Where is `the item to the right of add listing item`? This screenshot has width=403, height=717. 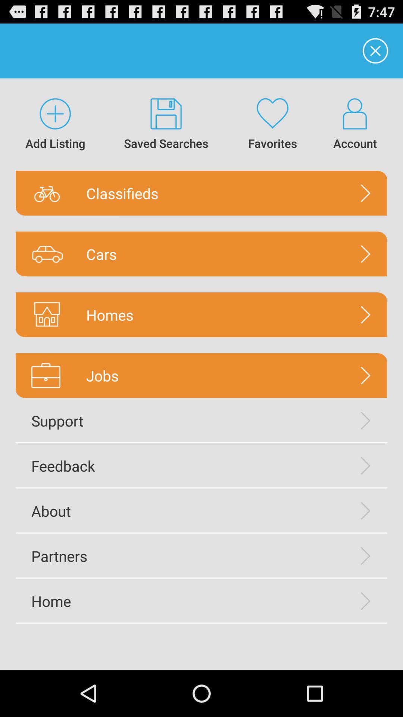
the item to the right of add listing item is located at coordinates (166, 124).